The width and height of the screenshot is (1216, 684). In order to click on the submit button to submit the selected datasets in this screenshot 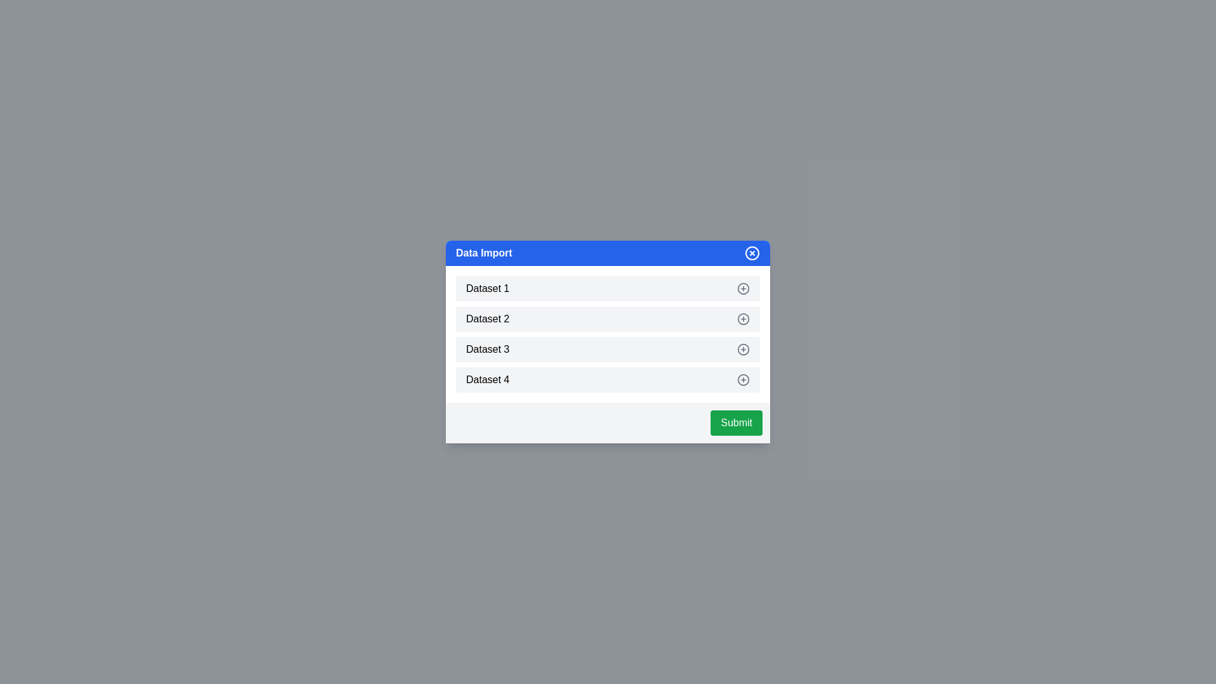, I will do `click(736, 422)`.